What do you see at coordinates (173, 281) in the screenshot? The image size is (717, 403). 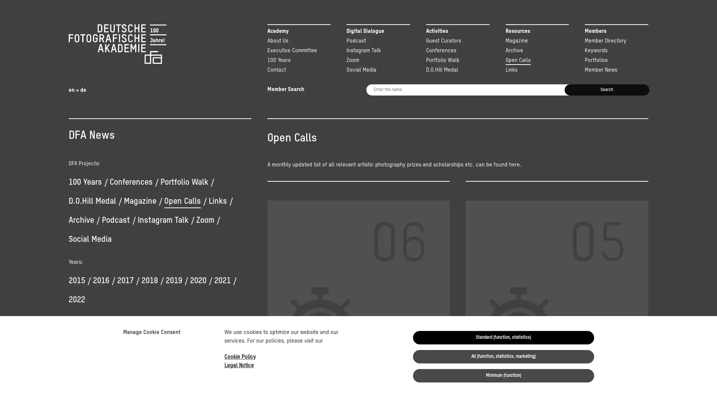 I see `2019` at bounding box center [173, 281].